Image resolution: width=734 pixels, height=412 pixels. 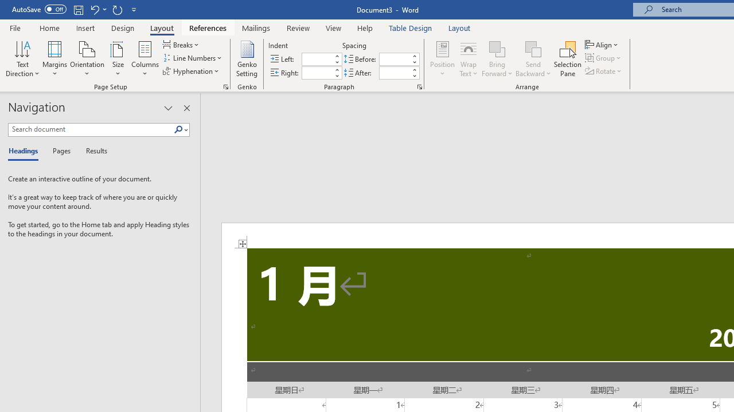 I want to click on 'Close pane', so click(x=186, y=108).